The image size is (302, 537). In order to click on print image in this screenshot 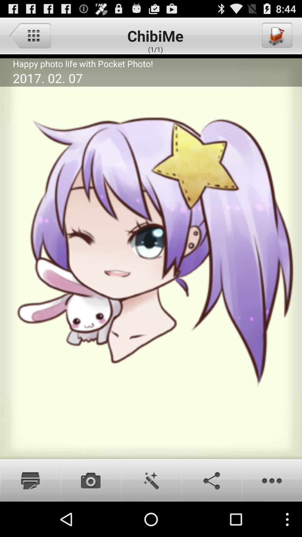, I will do `click(30, 480)`.